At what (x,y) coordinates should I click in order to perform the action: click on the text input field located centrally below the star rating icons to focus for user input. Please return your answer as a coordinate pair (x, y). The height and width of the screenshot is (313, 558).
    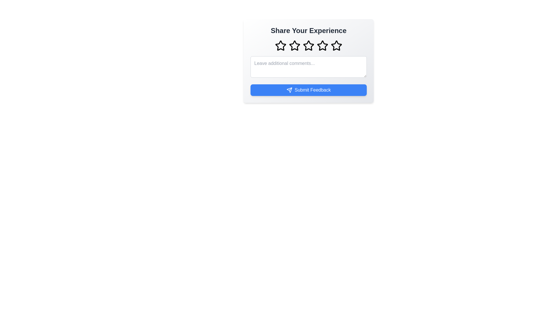
    Looking at the image, I should click on (308, 67).